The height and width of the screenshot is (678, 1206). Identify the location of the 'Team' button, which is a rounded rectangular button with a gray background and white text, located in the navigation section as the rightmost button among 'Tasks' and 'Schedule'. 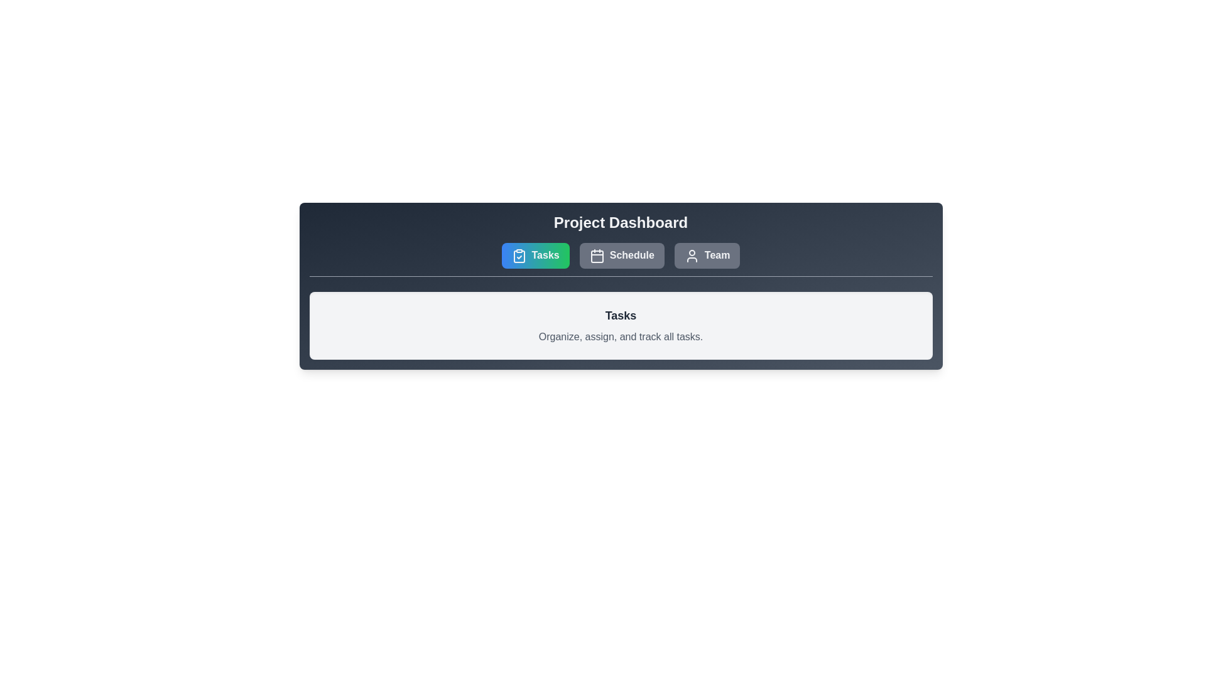
(707, 255).